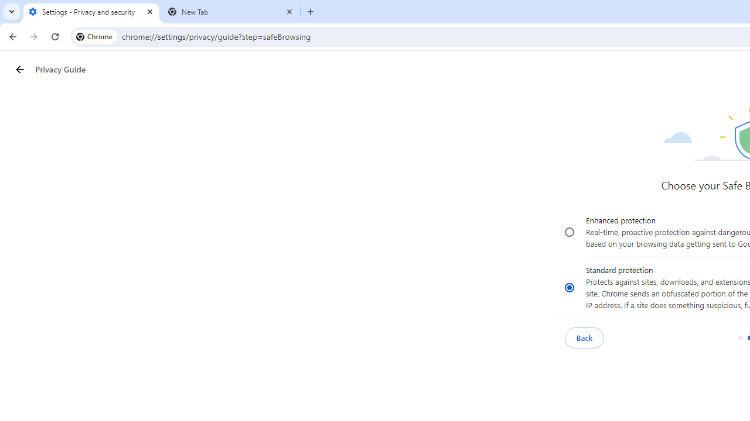 The width and height of the screenshot is (750, 421). What do you see at coordinates (91, 12) in the screenshot?
I see `'Settings - Privacy and security'` at bounding box center [91, 12].